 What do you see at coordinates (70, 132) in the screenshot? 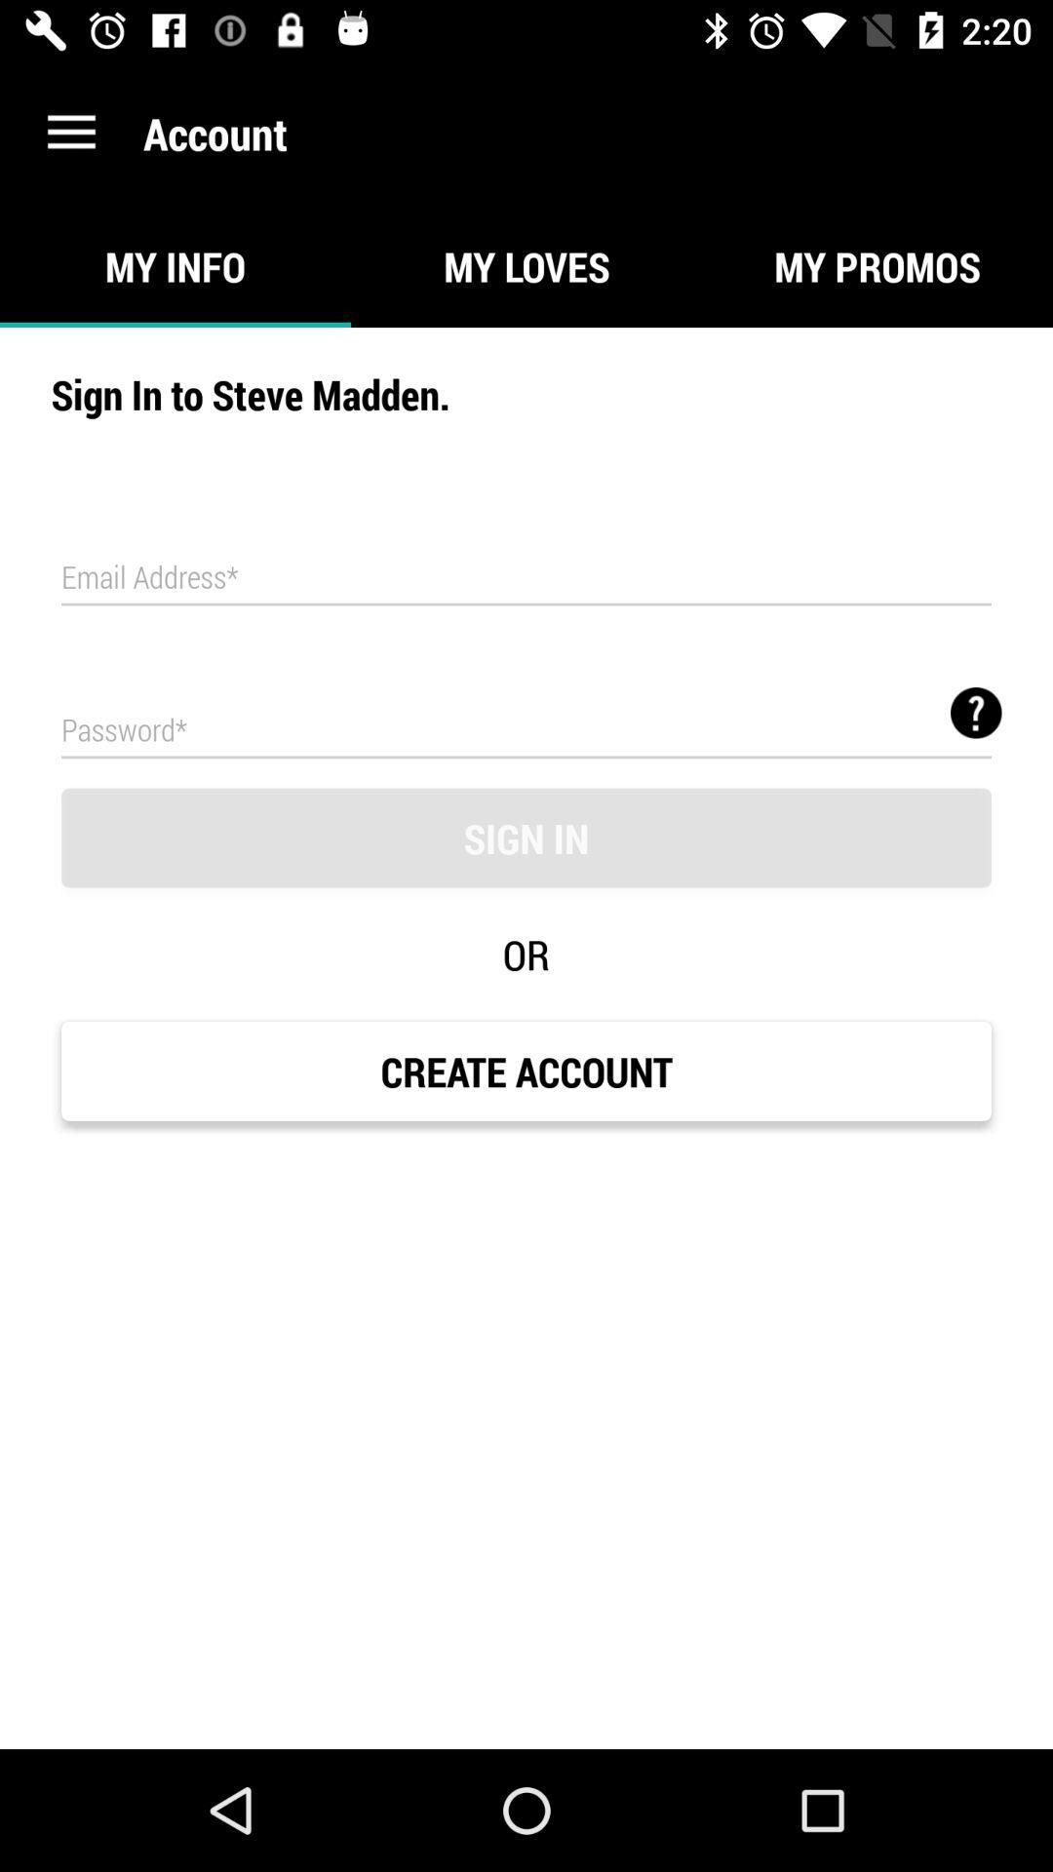
I see `item above my info` at bounding box center [70, 132].